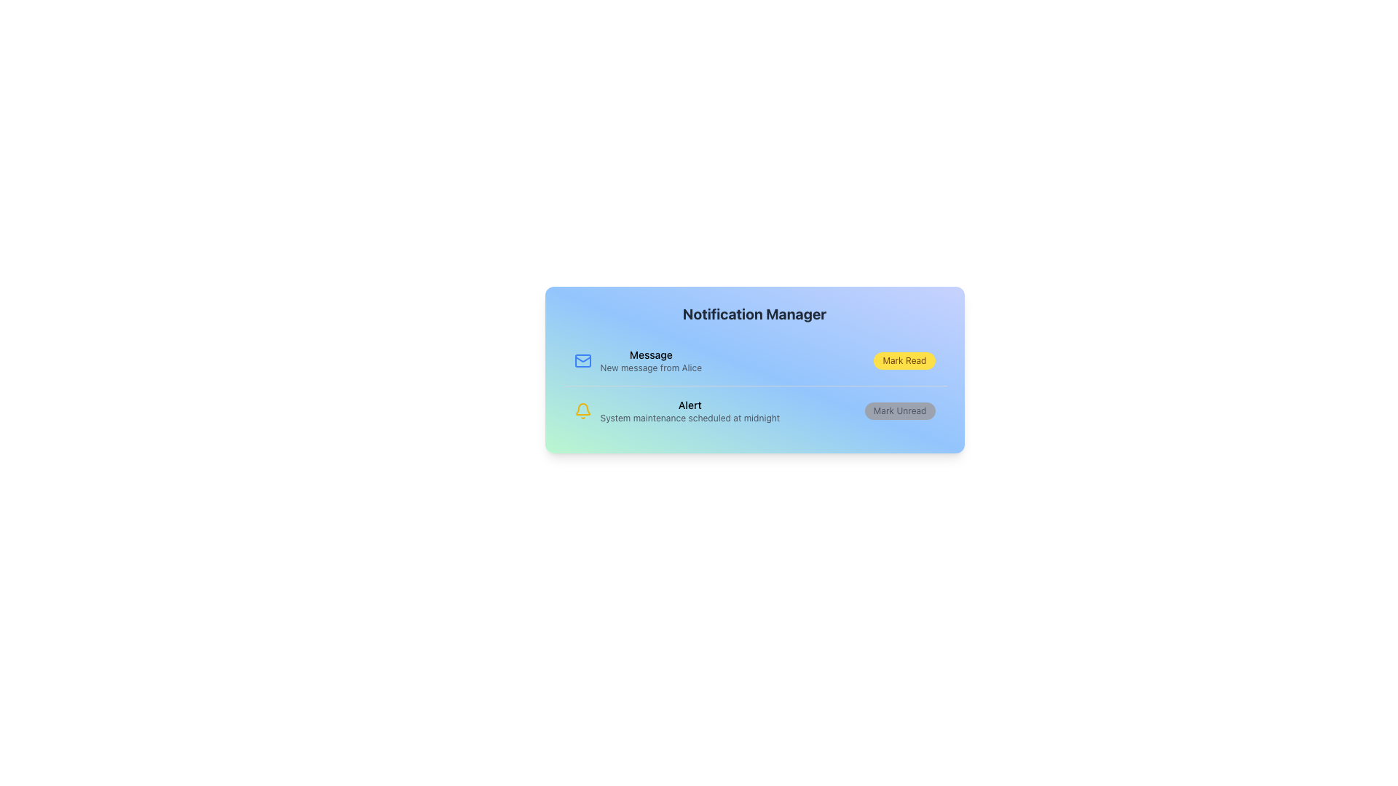  What do you see at coordinates (582, 360) in the screenshot?
I see `the light blue rectangular mail envelope icon with rounded corners located at the top left of the 'Notification Manager' panel labeled 'Message'` at bounding box center [582, 360].